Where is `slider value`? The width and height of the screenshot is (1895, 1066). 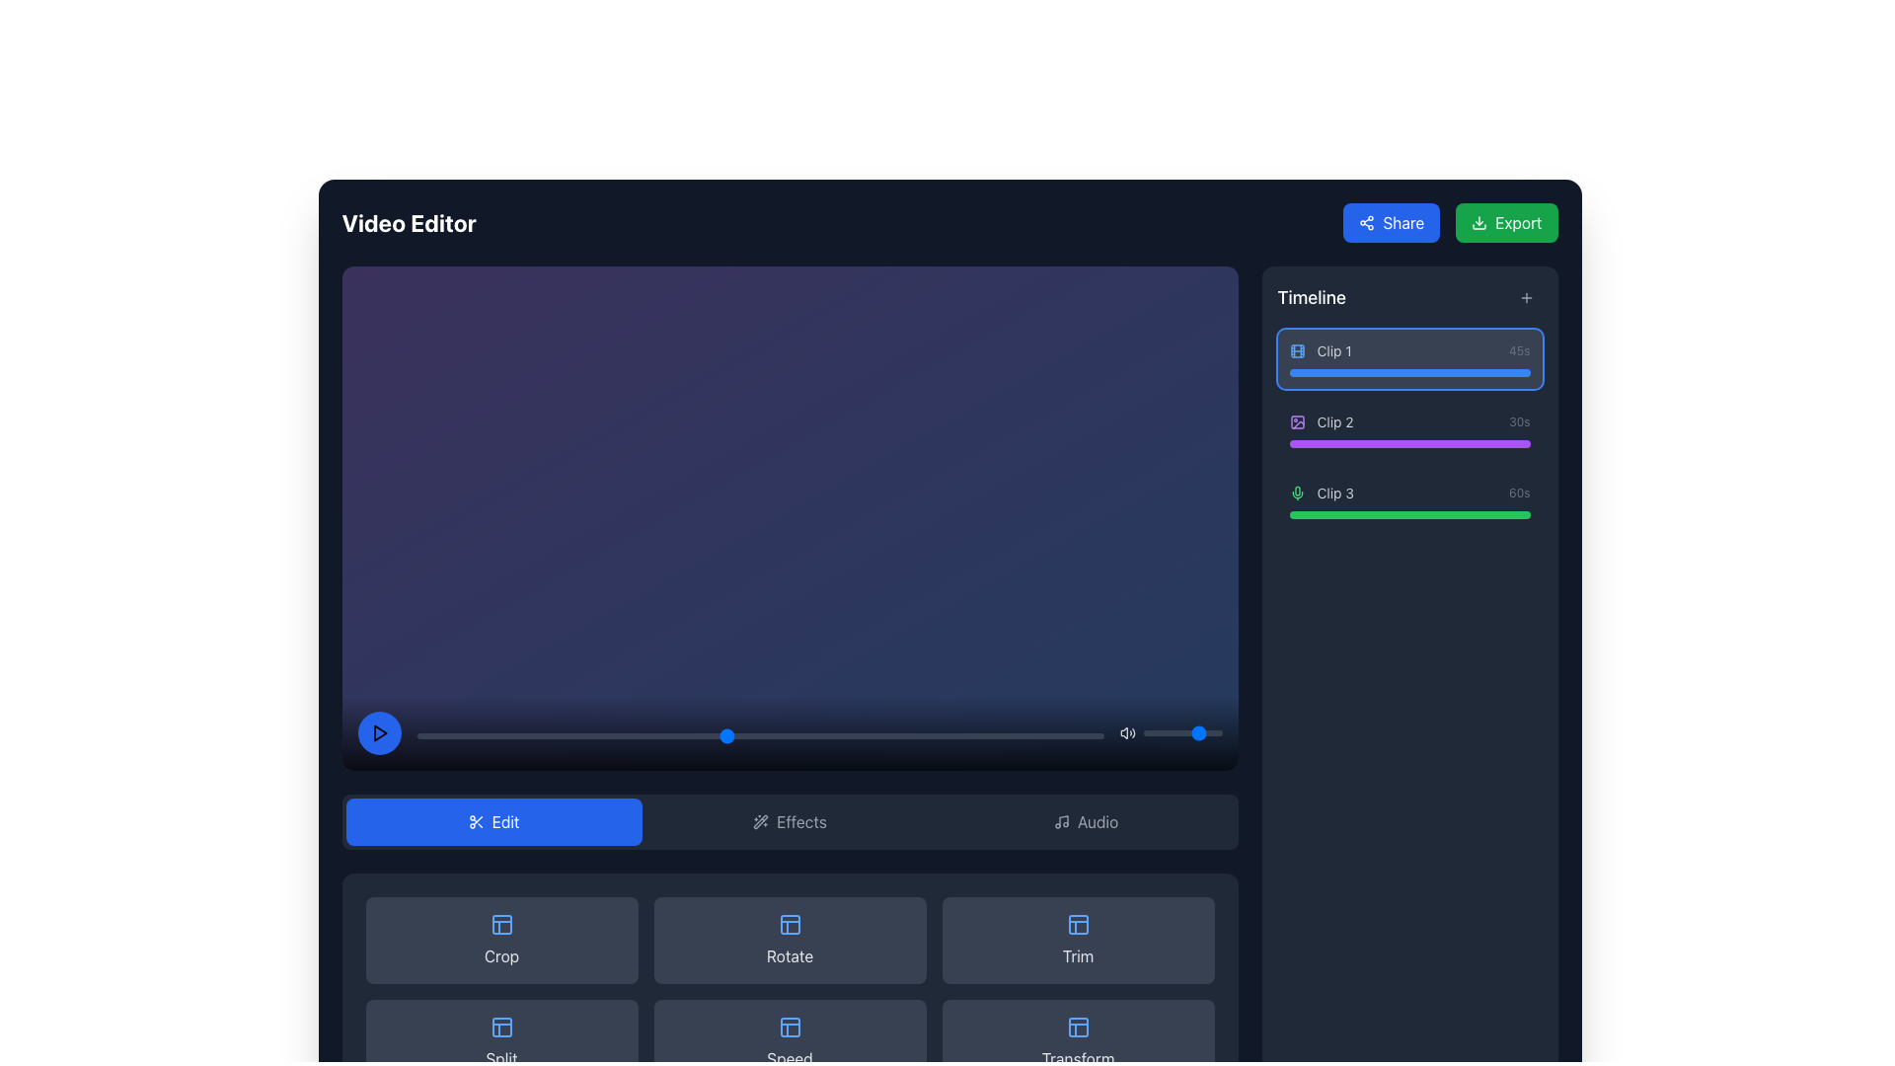 slider value is located at coordinates (889, 734).